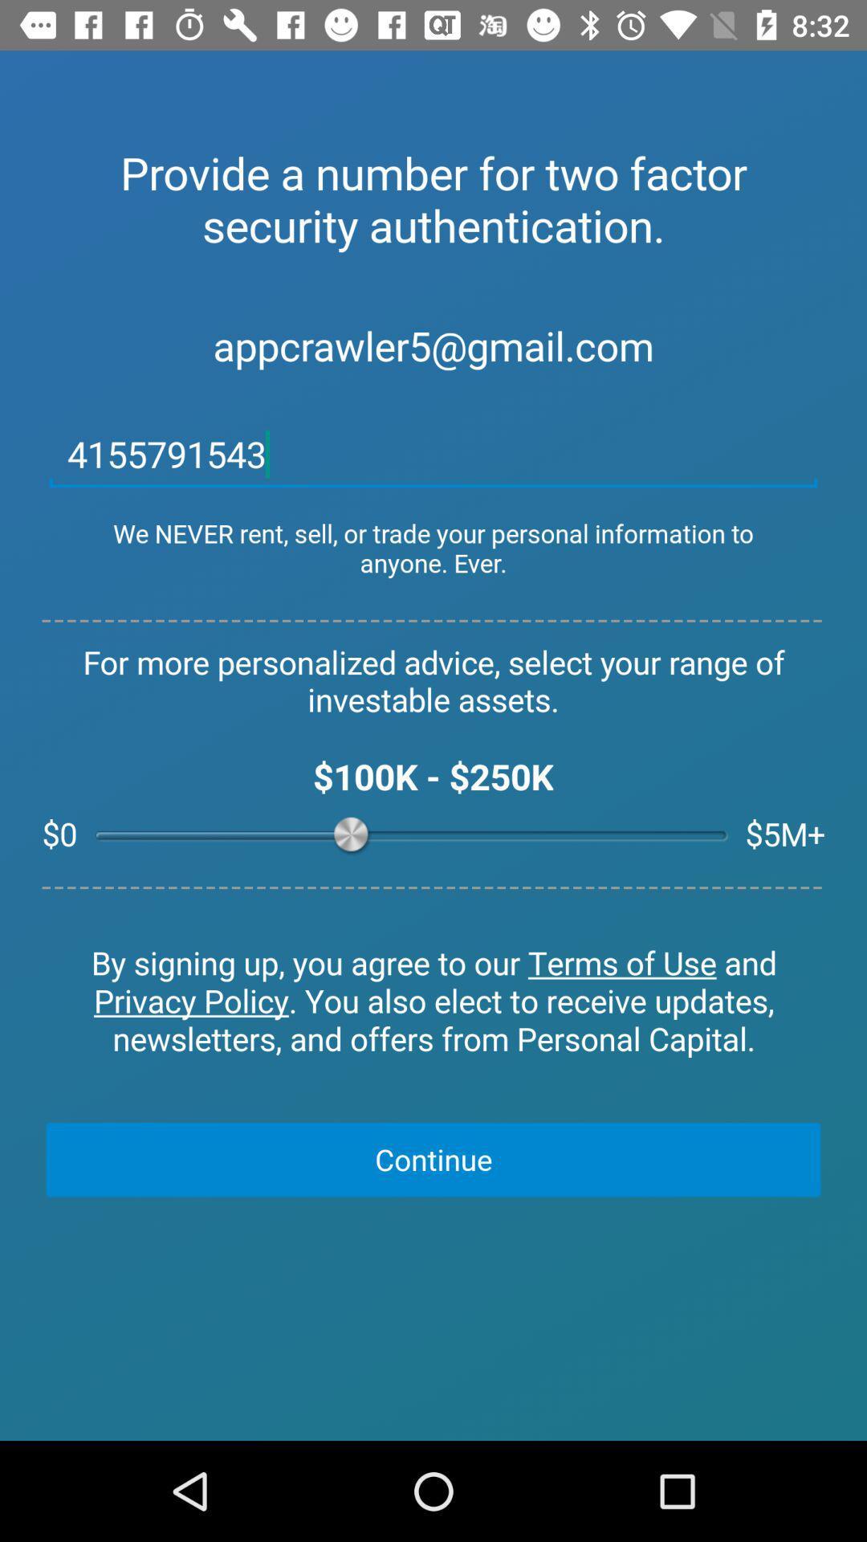 This screenshot has height=1542, width=867. I want to click on terms and privacy rules, so click(433, 1001).